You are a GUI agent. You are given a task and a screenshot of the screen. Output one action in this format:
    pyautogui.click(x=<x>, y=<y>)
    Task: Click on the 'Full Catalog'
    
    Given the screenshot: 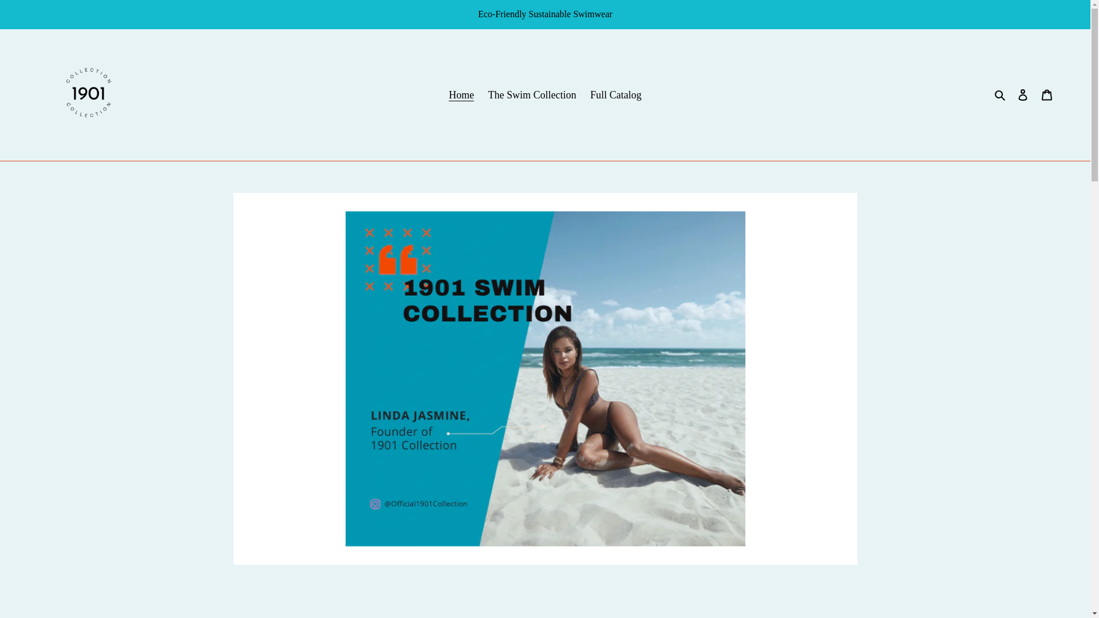 What is the action you would take?
    pyautogui.click(x=584, y=94)
    